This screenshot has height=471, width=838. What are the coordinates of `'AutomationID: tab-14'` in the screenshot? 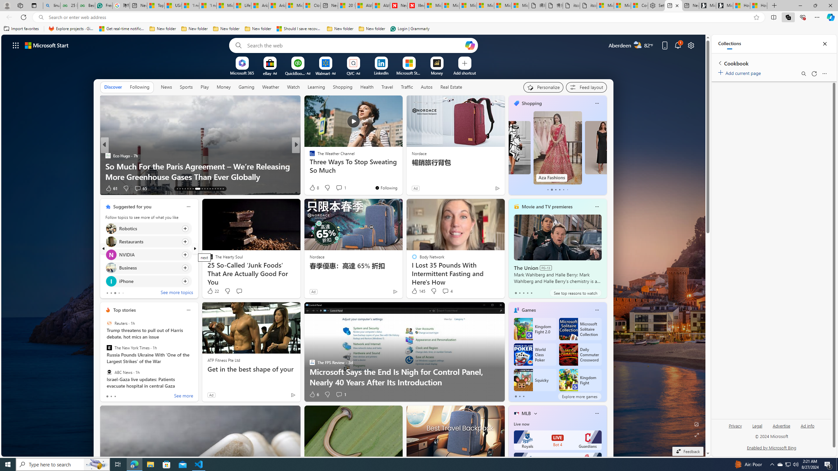 It's located at (180, 189).